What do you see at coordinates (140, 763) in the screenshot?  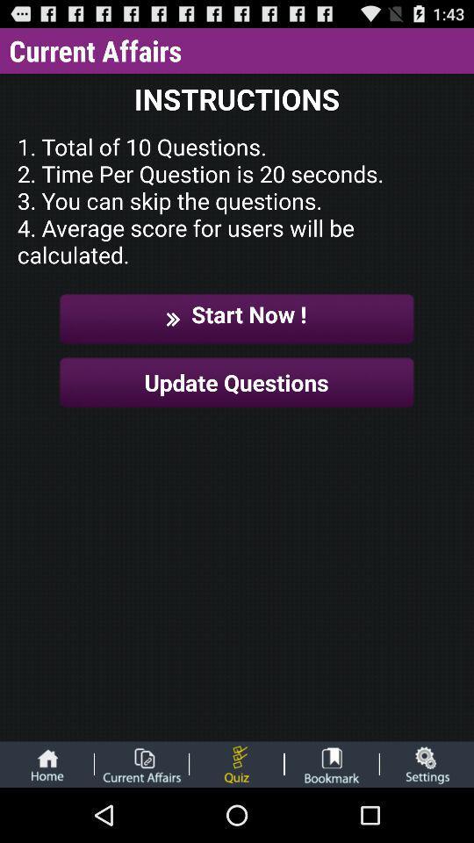 I see `open file` at bounding box center [140, 763].